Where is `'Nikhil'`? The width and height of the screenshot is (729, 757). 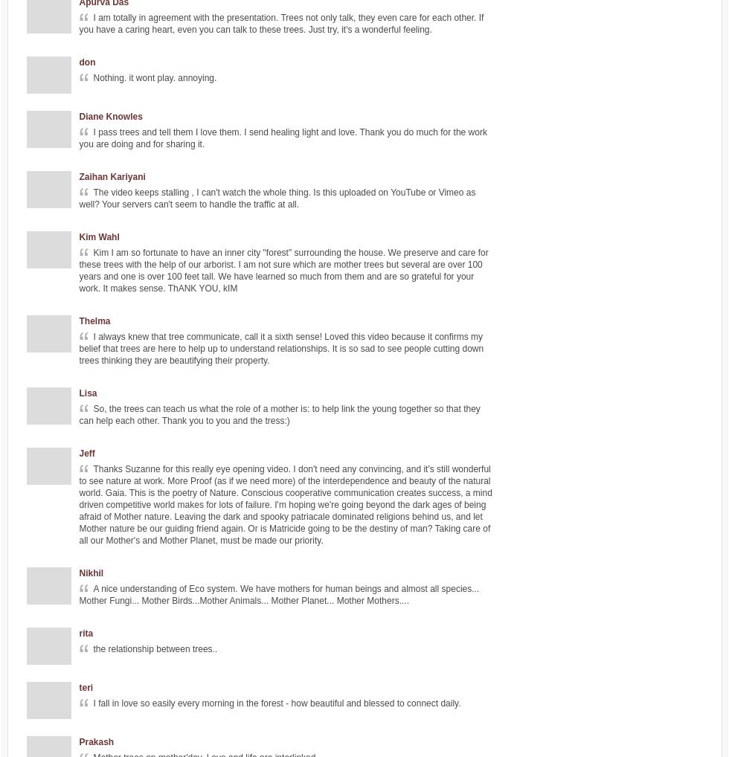
'Nikhil' is located at coordinates (79, 573).